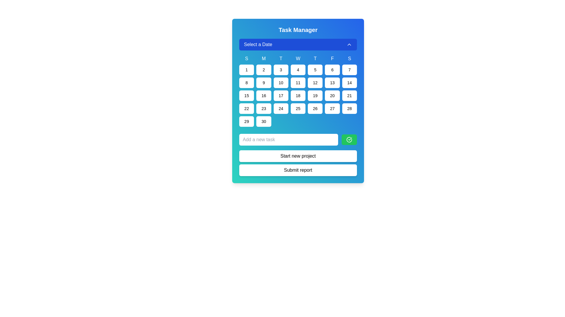 The image size is (565, 317). What do you see at coordinates (349, 95) in the screenshot?
I see `the button displaying the number '21' in the calendar interface` at bounding box center [349, 95].